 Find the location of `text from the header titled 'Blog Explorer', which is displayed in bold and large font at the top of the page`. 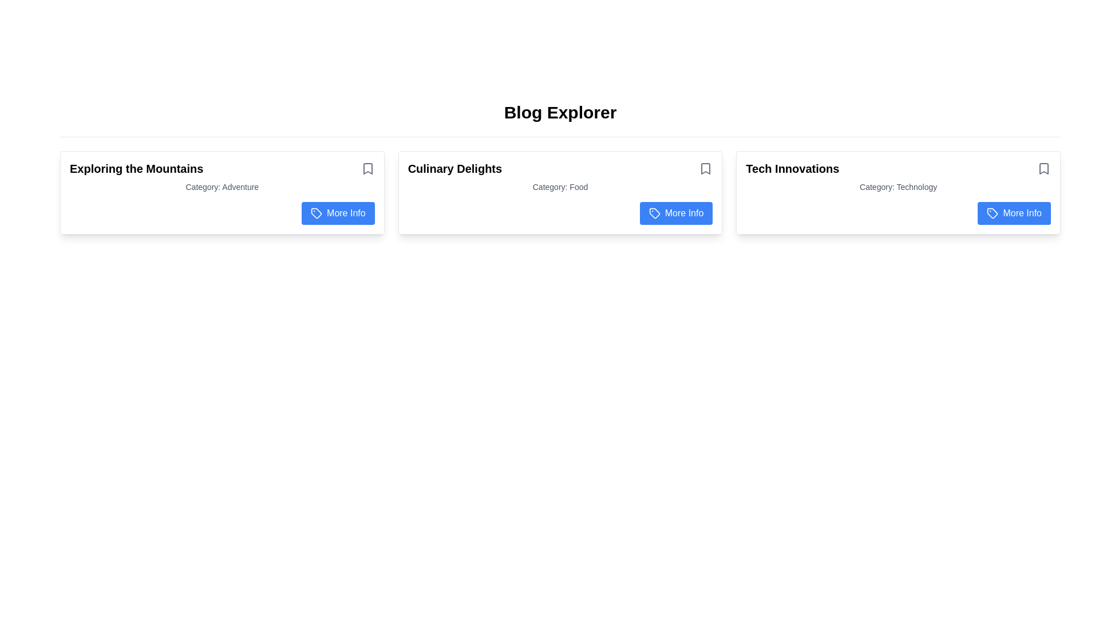

text from the header titled 'Blog Explorer', which is displayed in bold and large font at the top of the page is located at coordinates (560, 112).